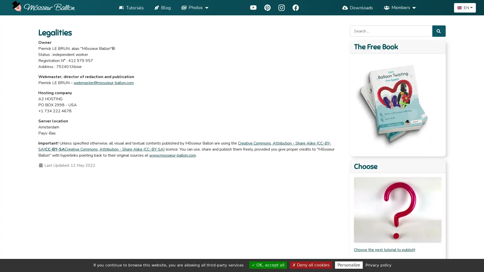 The width and height of the screenshot is (484, 272). What do you see at coordinates (311, 265) in the screenshot?
I see `Deny all cookies` at bounding box center [311, 265].